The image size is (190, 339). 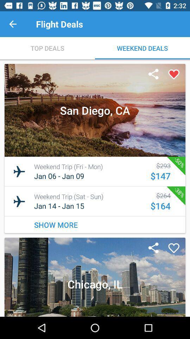 What do you see at coordinates (95, 224) in the screenshot?
I see `the text show more which is above the image` at bounding box center [95, 224].